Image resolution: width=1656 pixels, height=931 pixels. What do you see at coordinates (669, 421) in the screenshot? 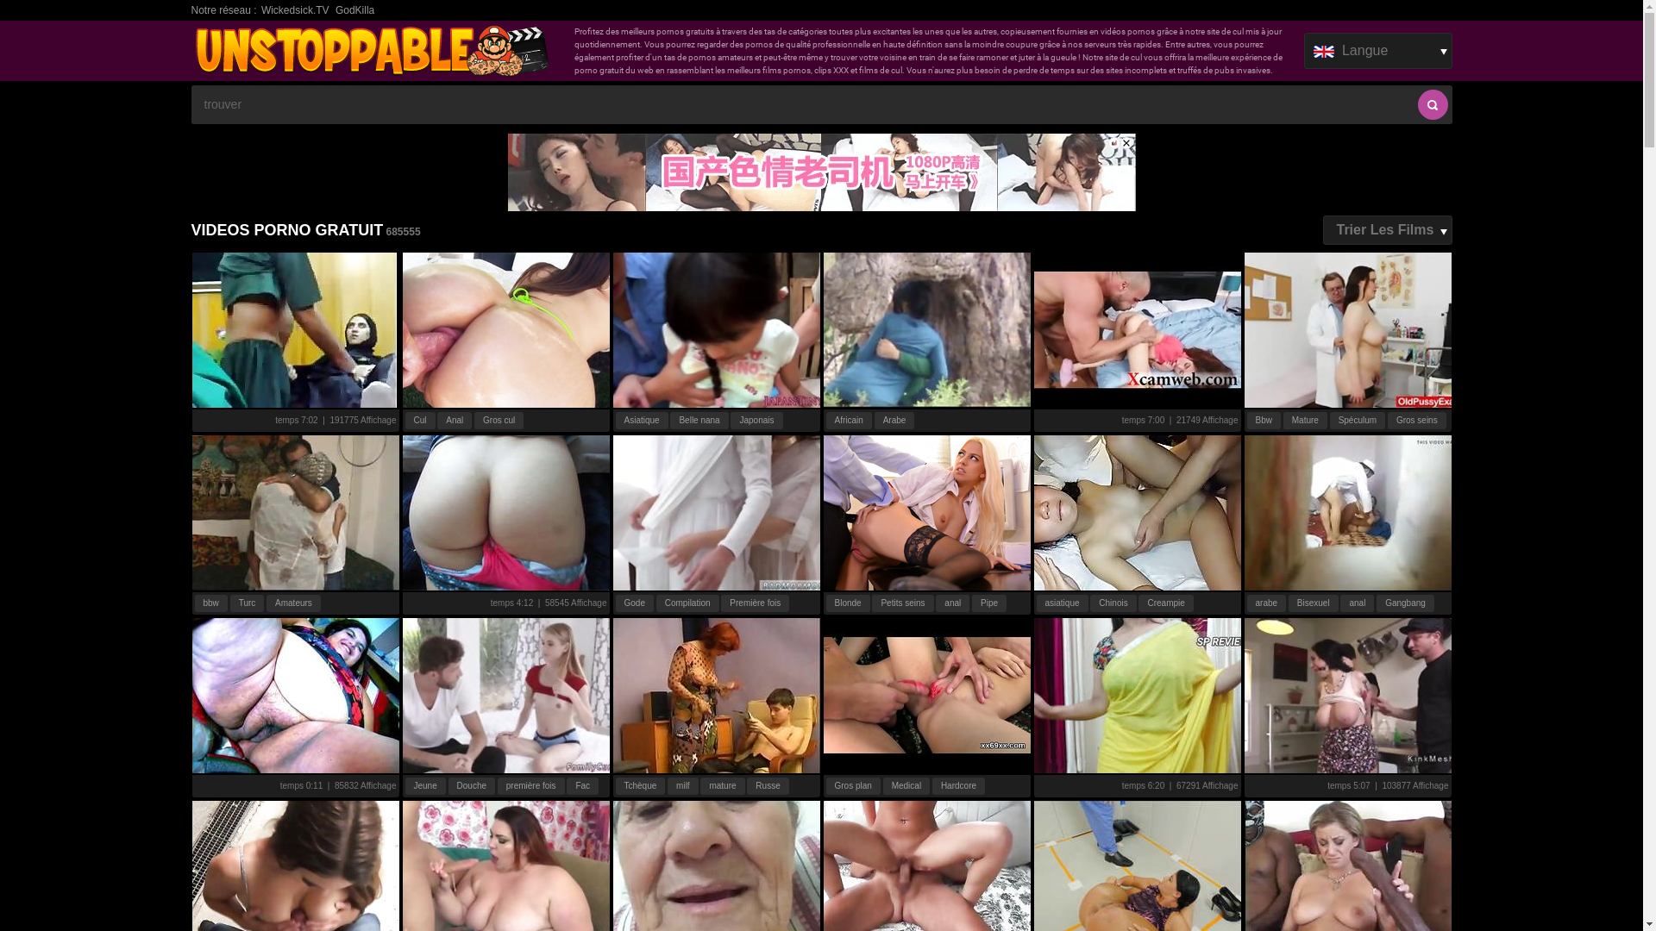
I see `'Belle nana'` at bounding box center [669, 421].